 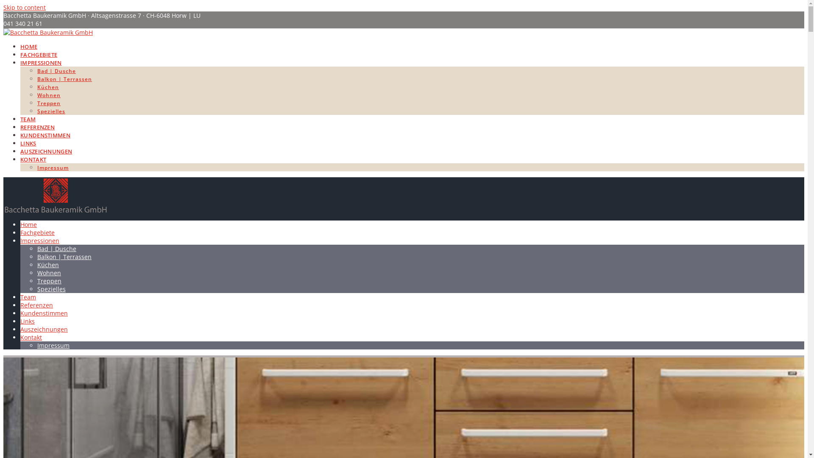 What do you see at coordinates (56, 70) in the screenshot?
I see `'Bad | Dusche'` at bounding box center [56, 70].